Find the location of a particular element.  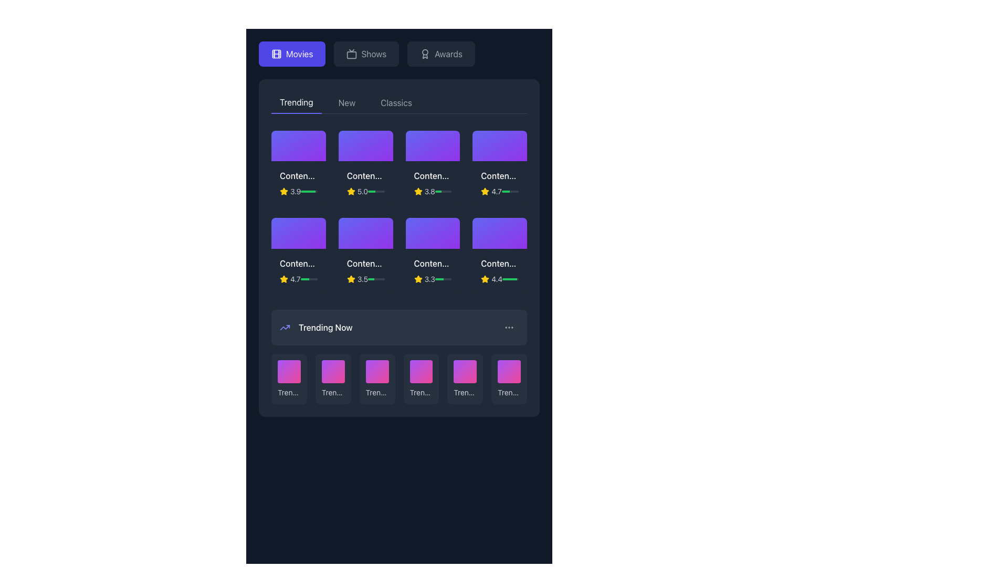

the card associated with the text label 'Content Title 7' in the second row, third column of the grid layout under the 'Trending' section of the 'Movies' category is located at coordinates (433, 262).